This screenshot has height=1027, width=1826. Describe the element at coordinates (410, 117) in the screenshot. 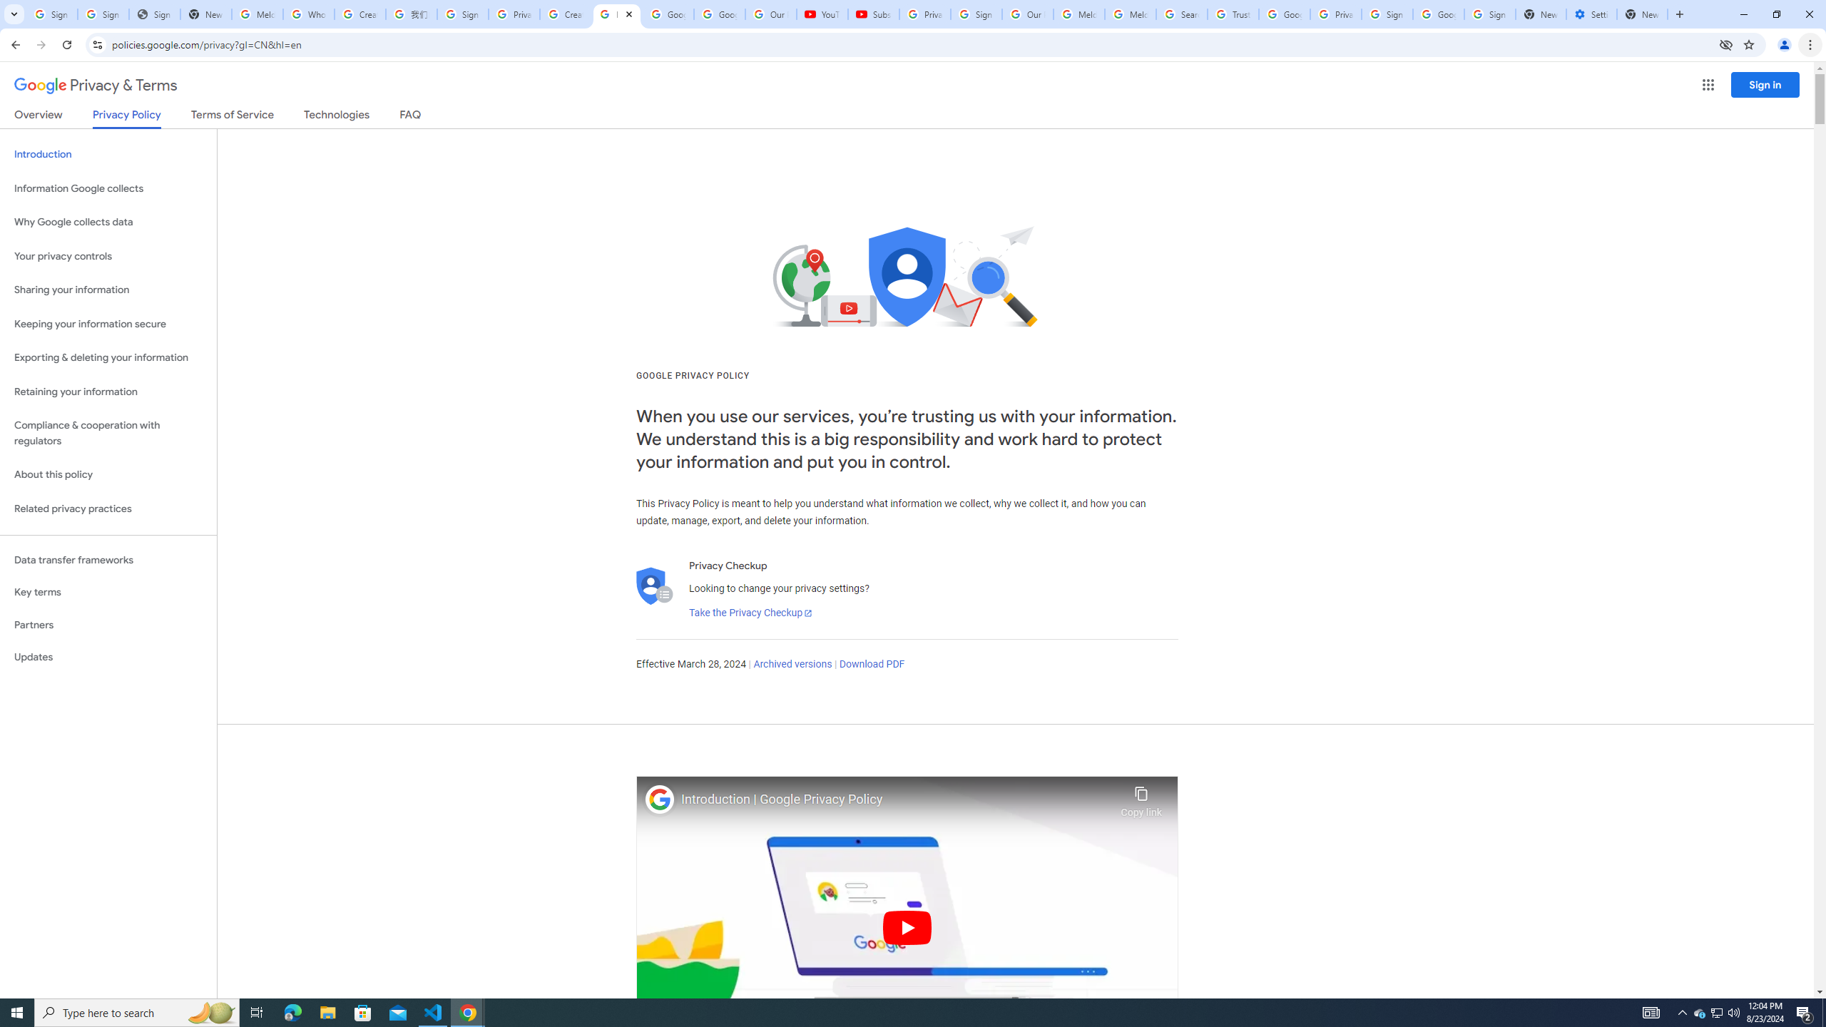

I see `'FAQ'` at that location.